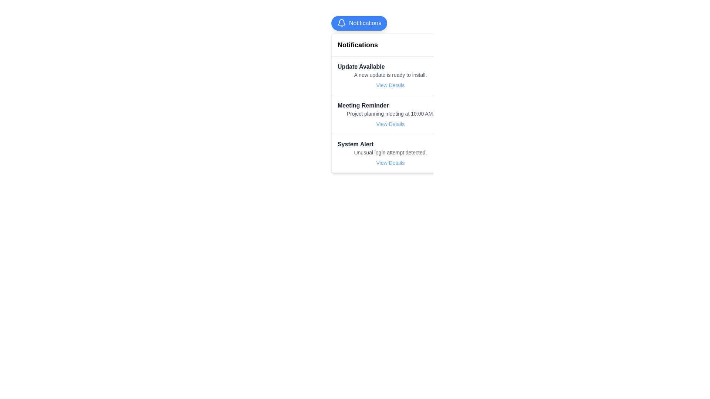 The height and width of the screenshot is (399, 710). I want to click on the title text label of the third notification segment in the 'Notifications' panel, which is positioned between the 'Meeting Reminder' notification and its short description, so click(355, 144).